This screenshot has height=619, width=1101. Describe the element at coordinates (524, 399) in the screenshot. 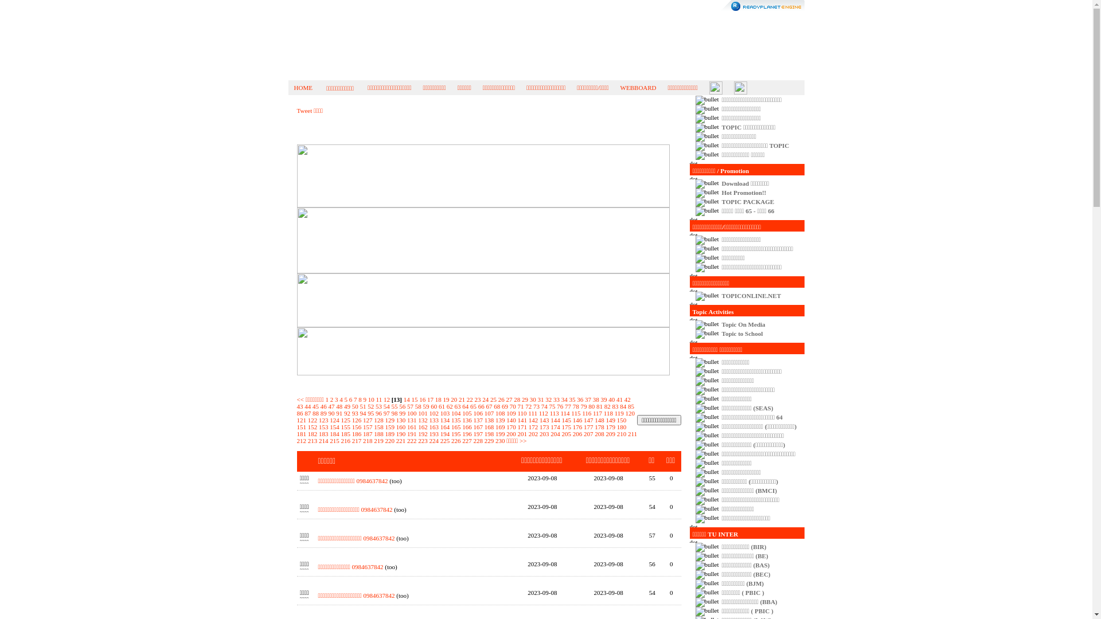

I see `'29'` at that location.